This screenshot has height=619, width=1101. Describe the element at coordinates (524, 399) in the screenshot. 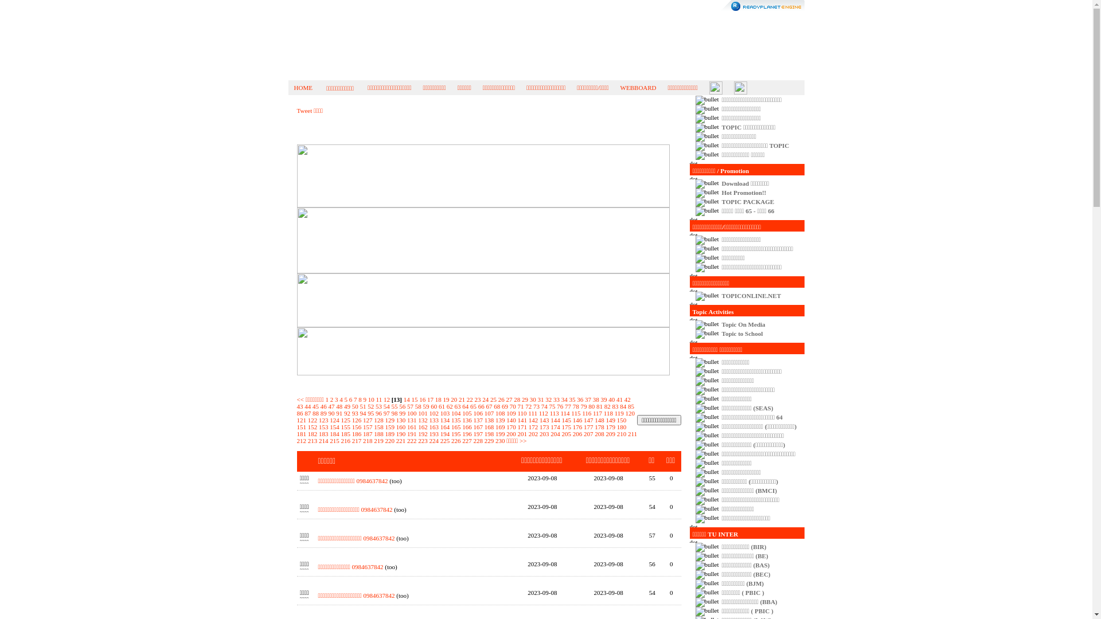

I see `'29'` at that location.